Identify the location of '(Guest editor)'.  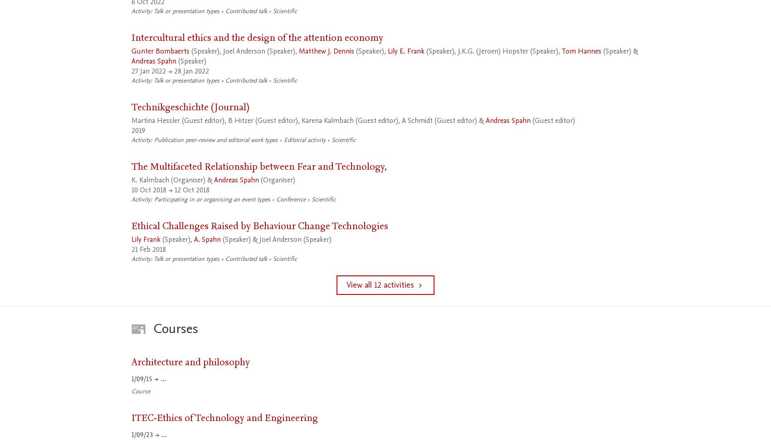
(530, 121).